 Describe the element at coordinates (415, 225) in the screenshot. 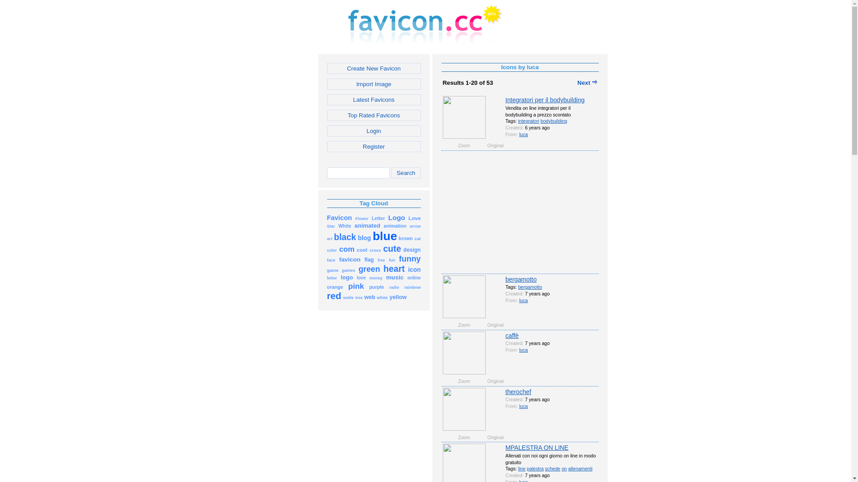

I see `'arrow'` at that location.